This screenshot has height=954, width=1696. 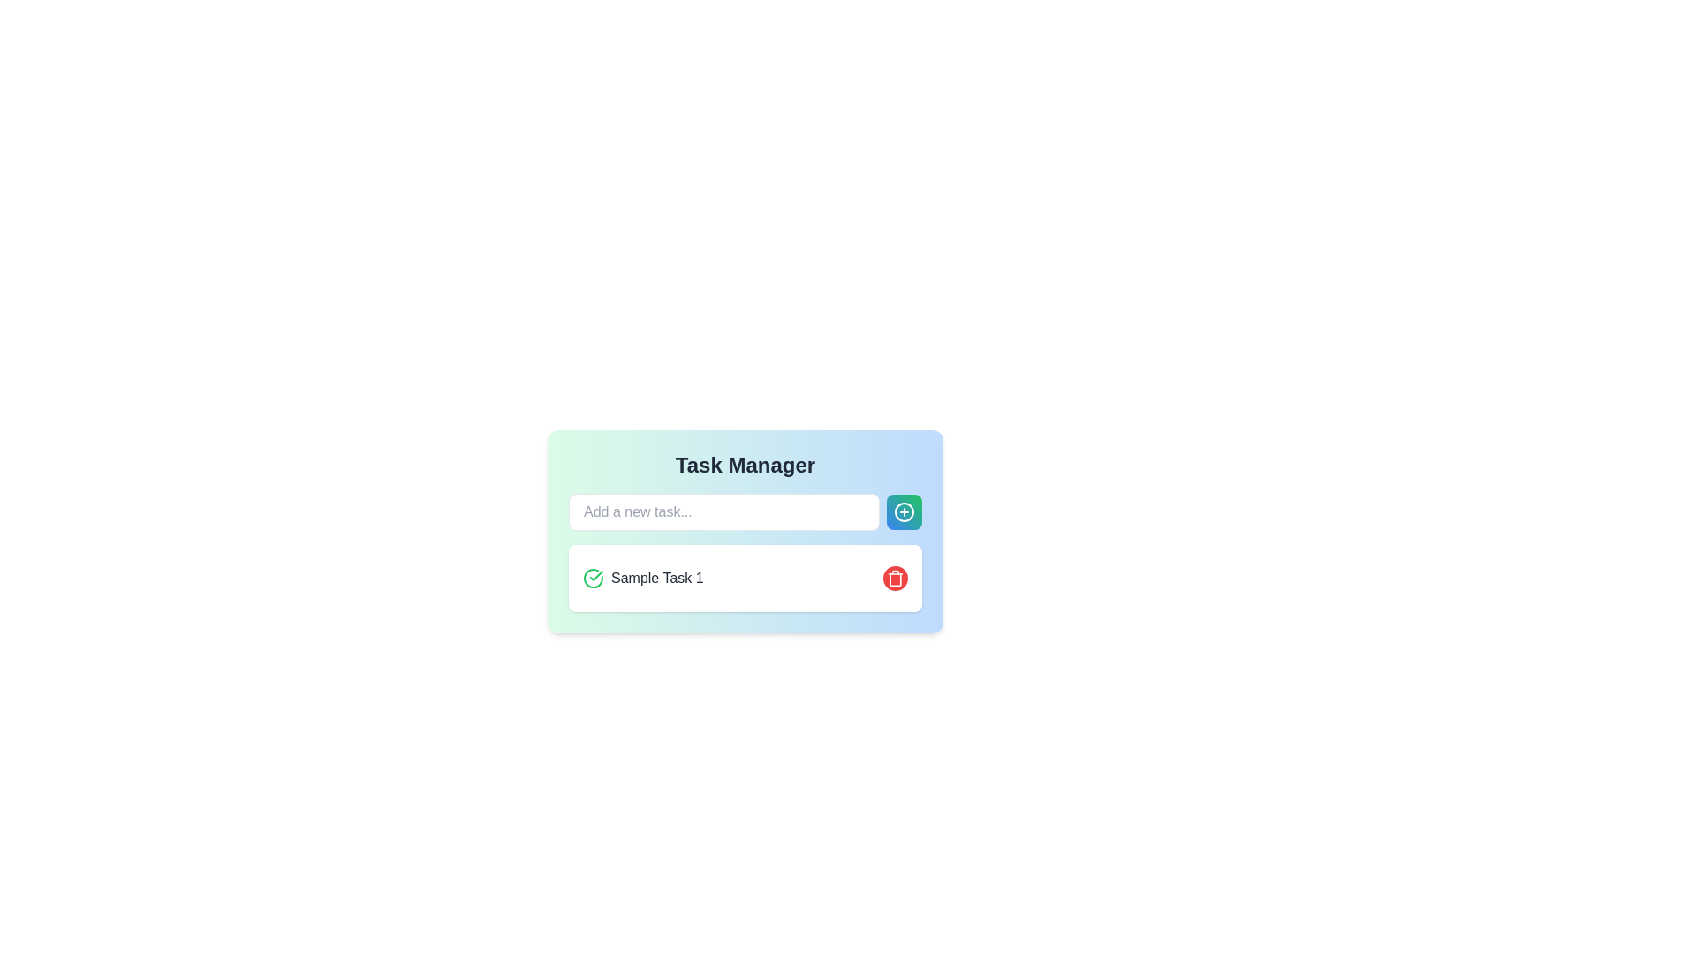 I want to click on the button located to the right of the text input field with the placeholder 'Add a new task...' to change its gradient, so click(x=904, y=511).